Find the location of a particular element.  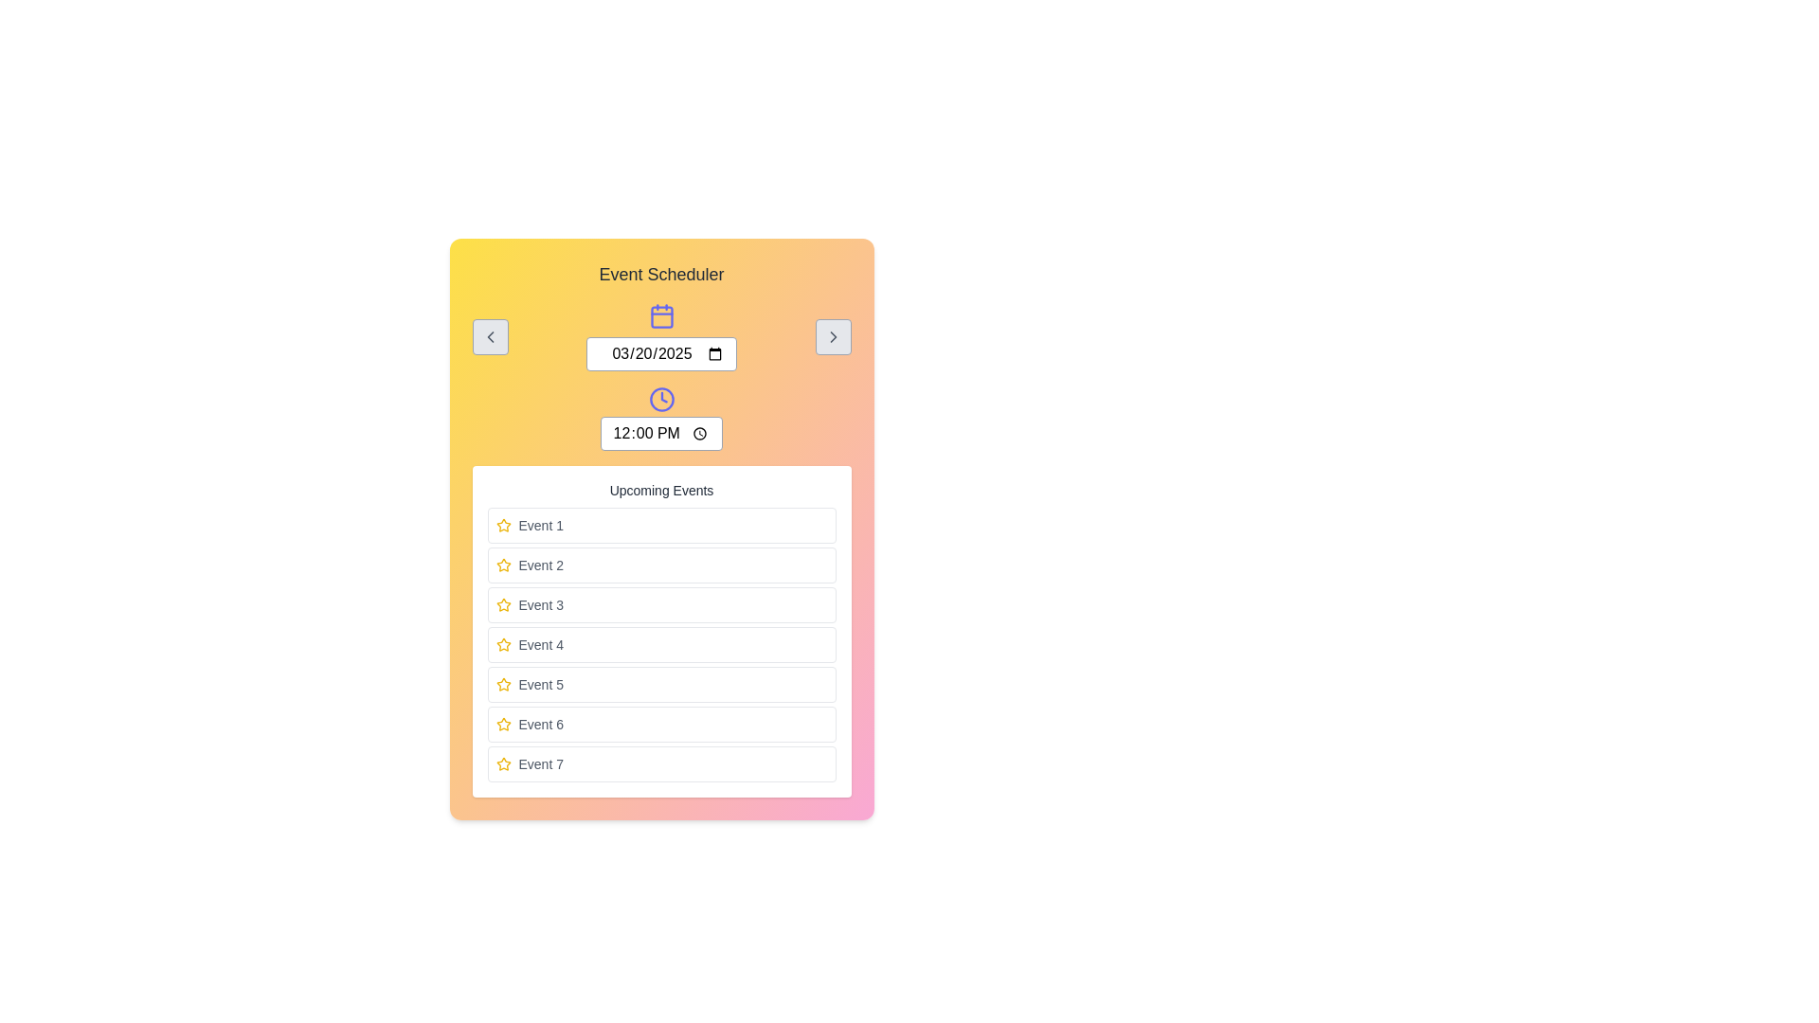

the list item labeled 'Event 6' is located at coordinates (661, 724).